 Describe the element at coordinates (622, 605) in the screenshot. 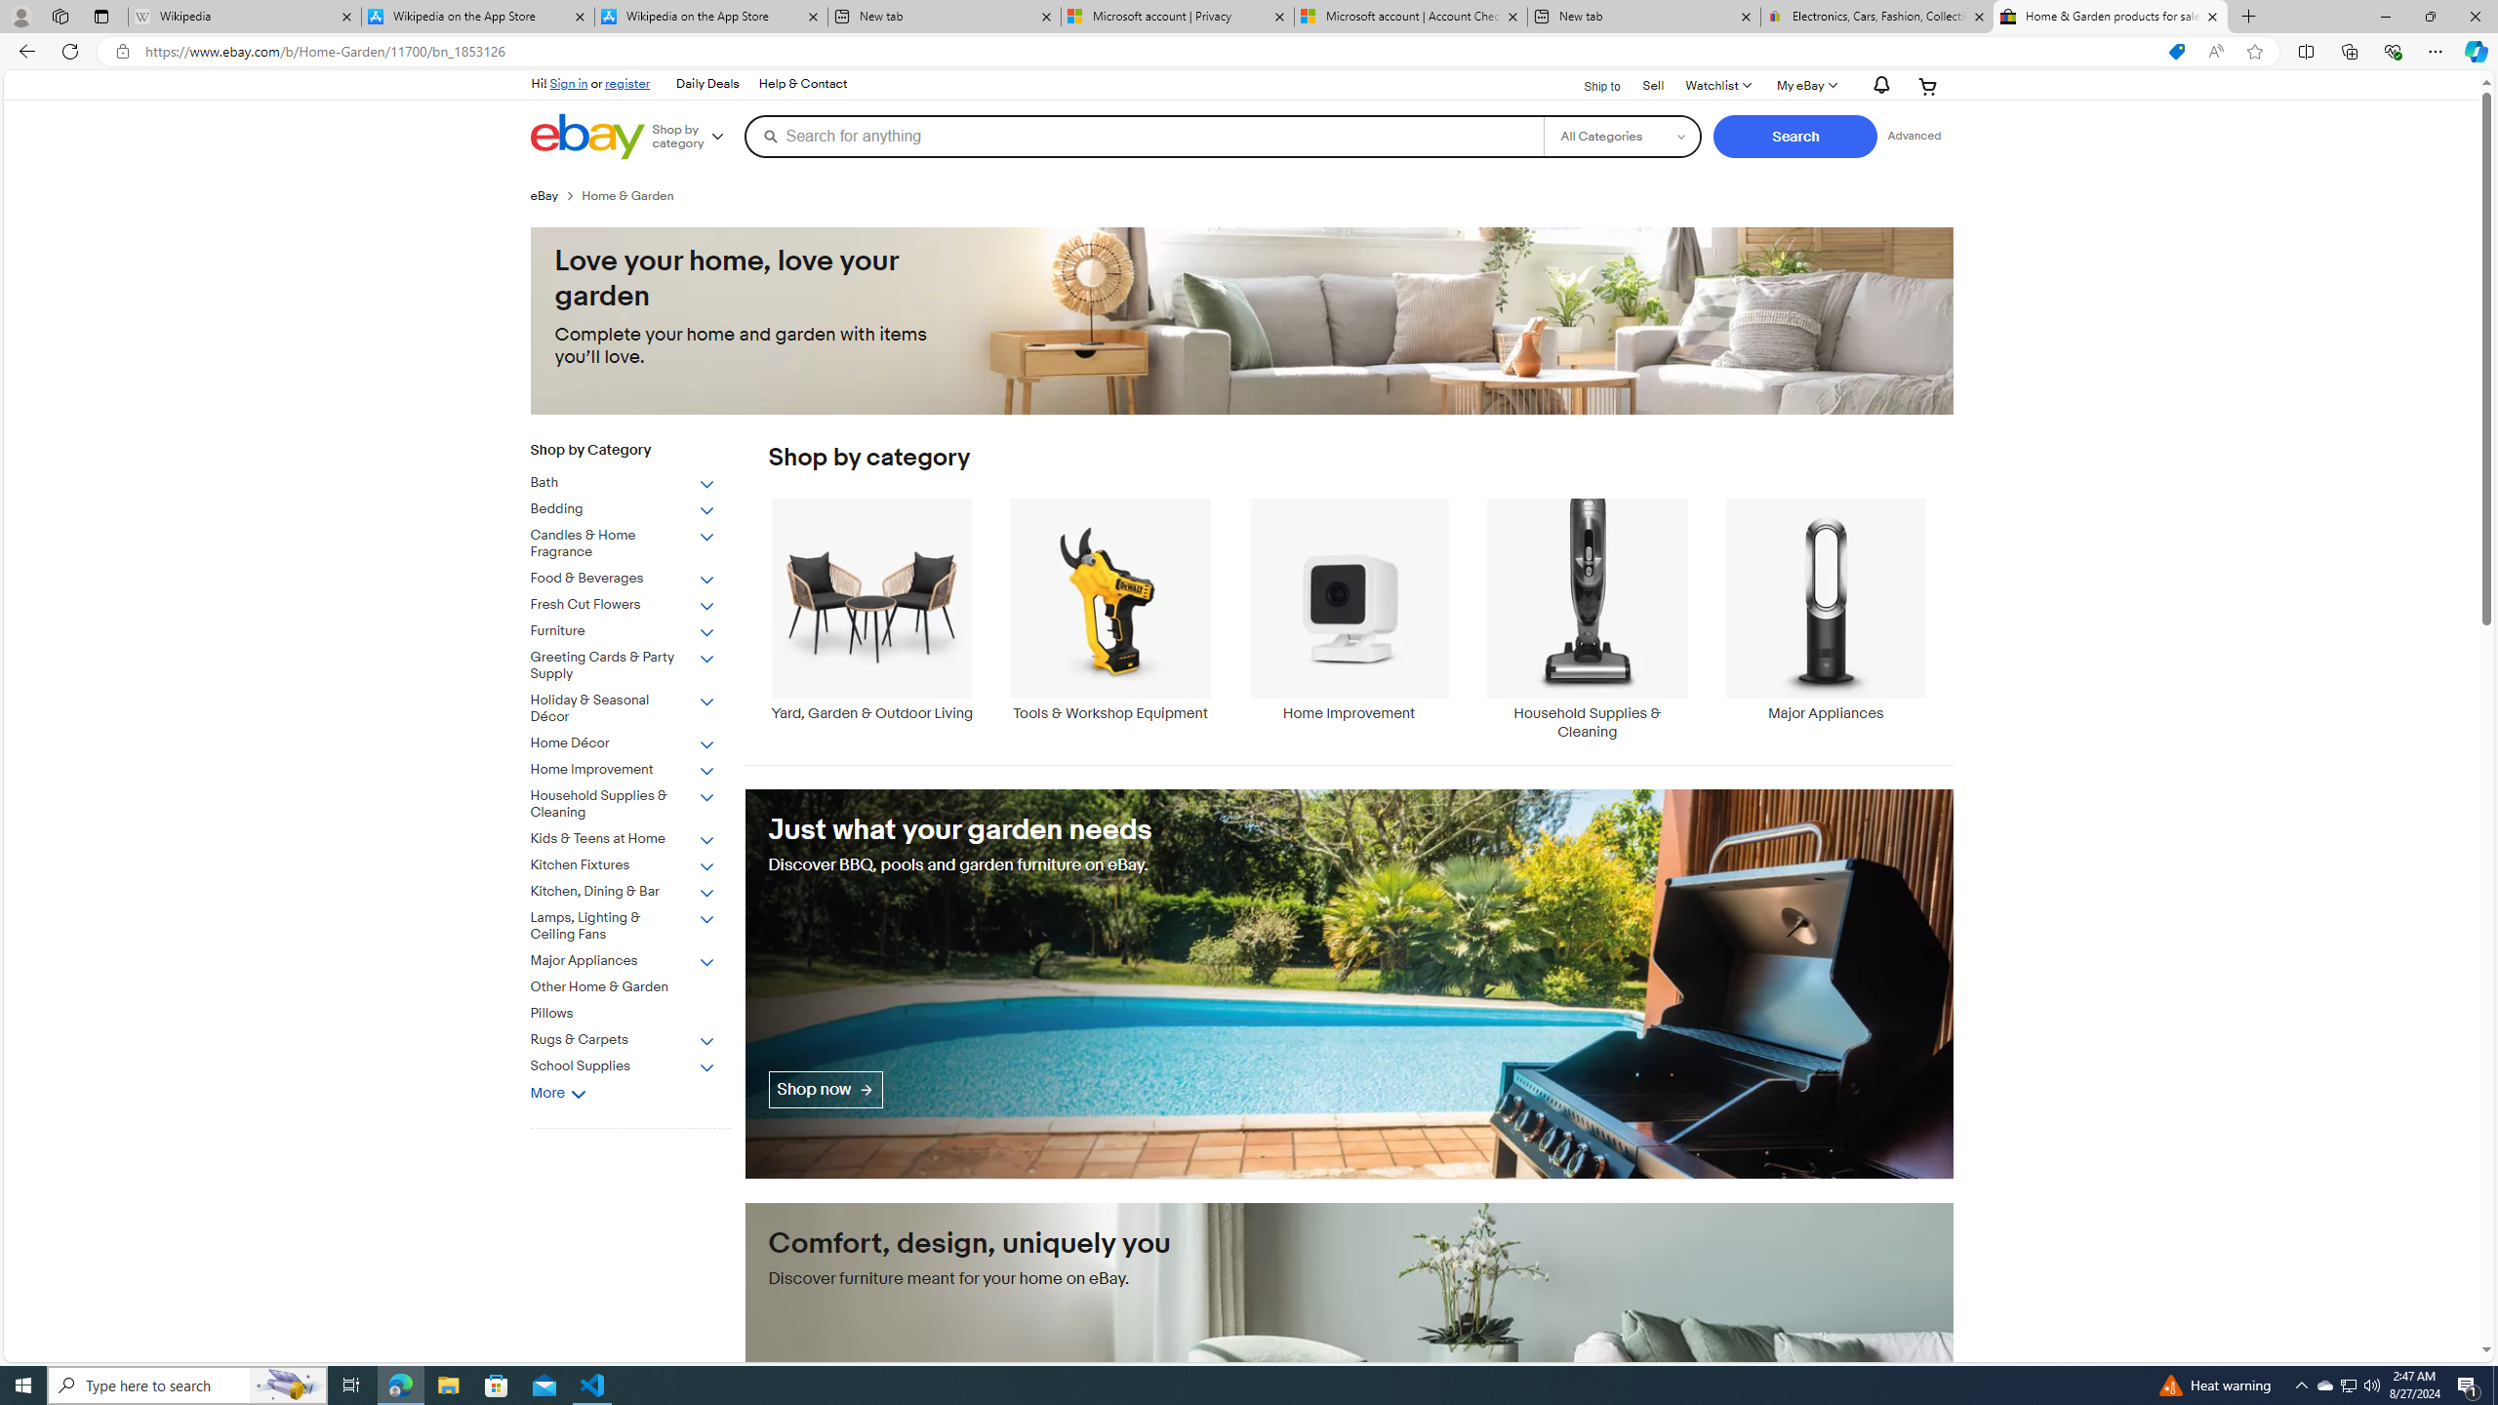

I see `'Fresh Cut Flowers'` at that location.